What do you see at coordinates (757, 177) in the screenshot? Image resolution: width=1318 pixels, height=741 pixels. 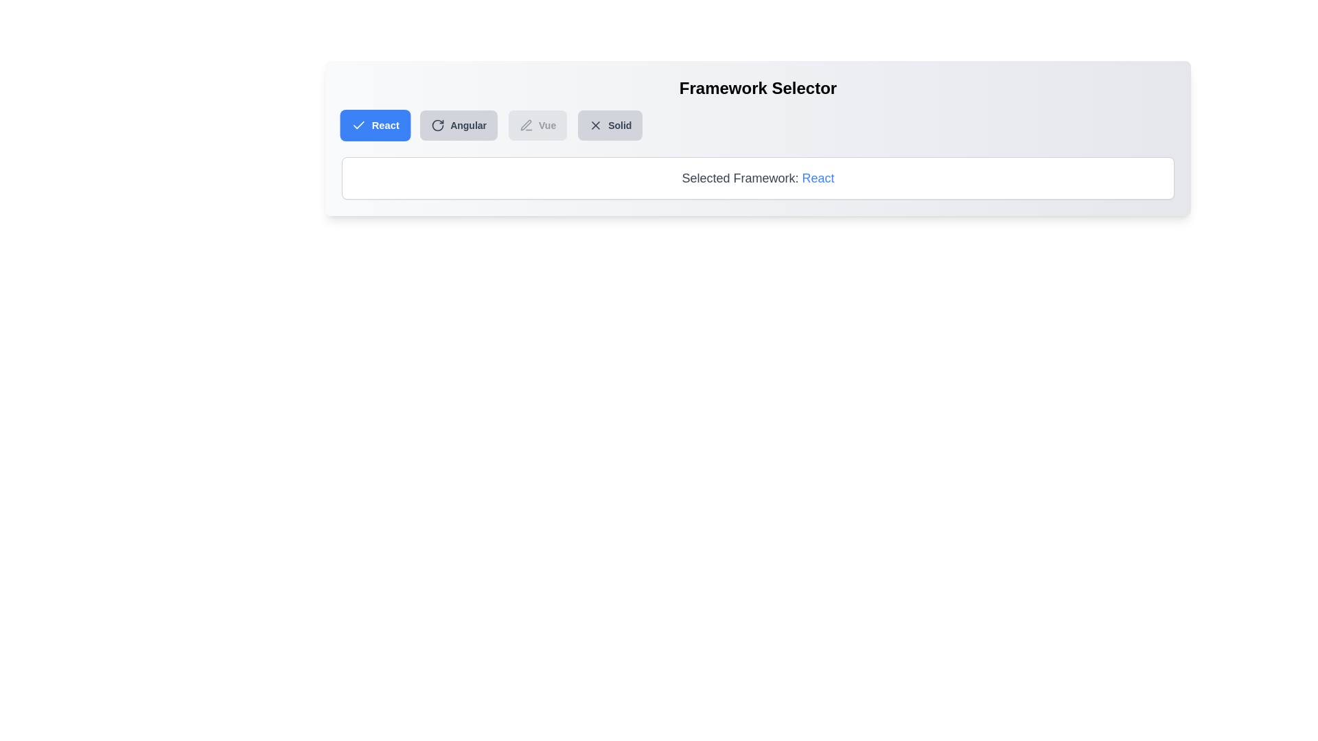 I see `the informational label indicating the currently selected framework, which is 'React'` at bounding box center [757, 177].